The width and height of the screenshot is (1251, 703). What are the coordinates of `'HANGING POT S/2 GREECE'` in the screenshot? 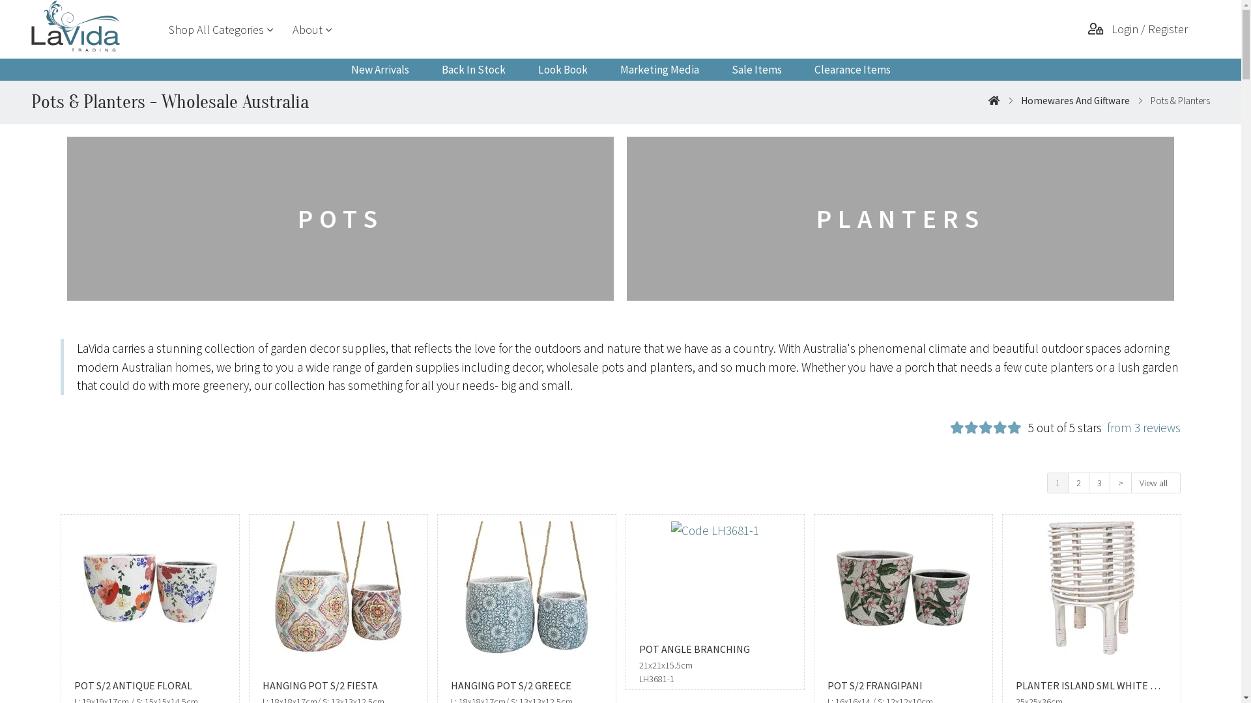 It's located at (450, 688).